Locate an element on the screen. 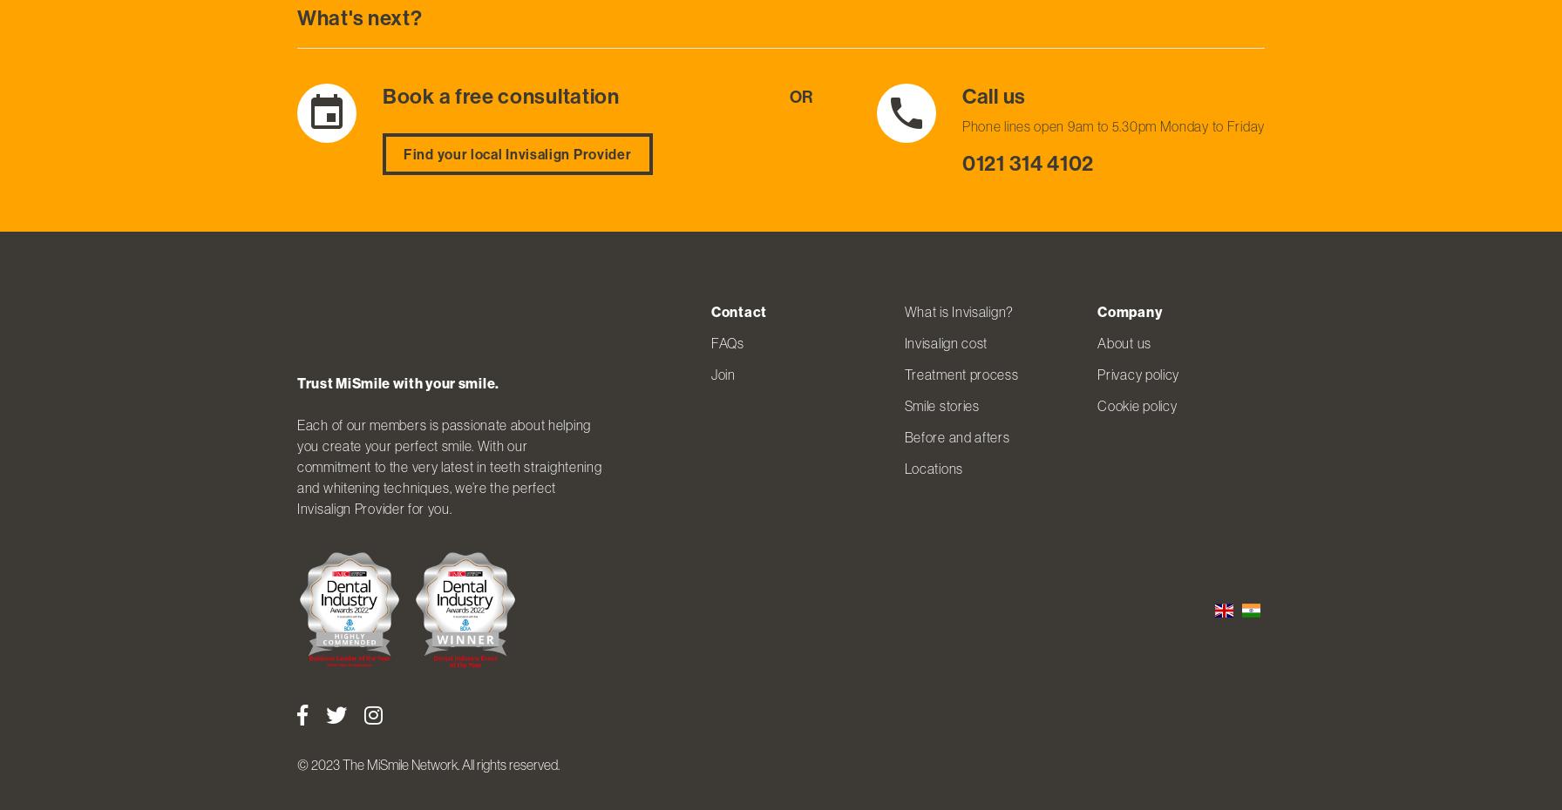 This screenshot has height=810, width=1562. 'FAQs' is located at coordinates (727, 342).